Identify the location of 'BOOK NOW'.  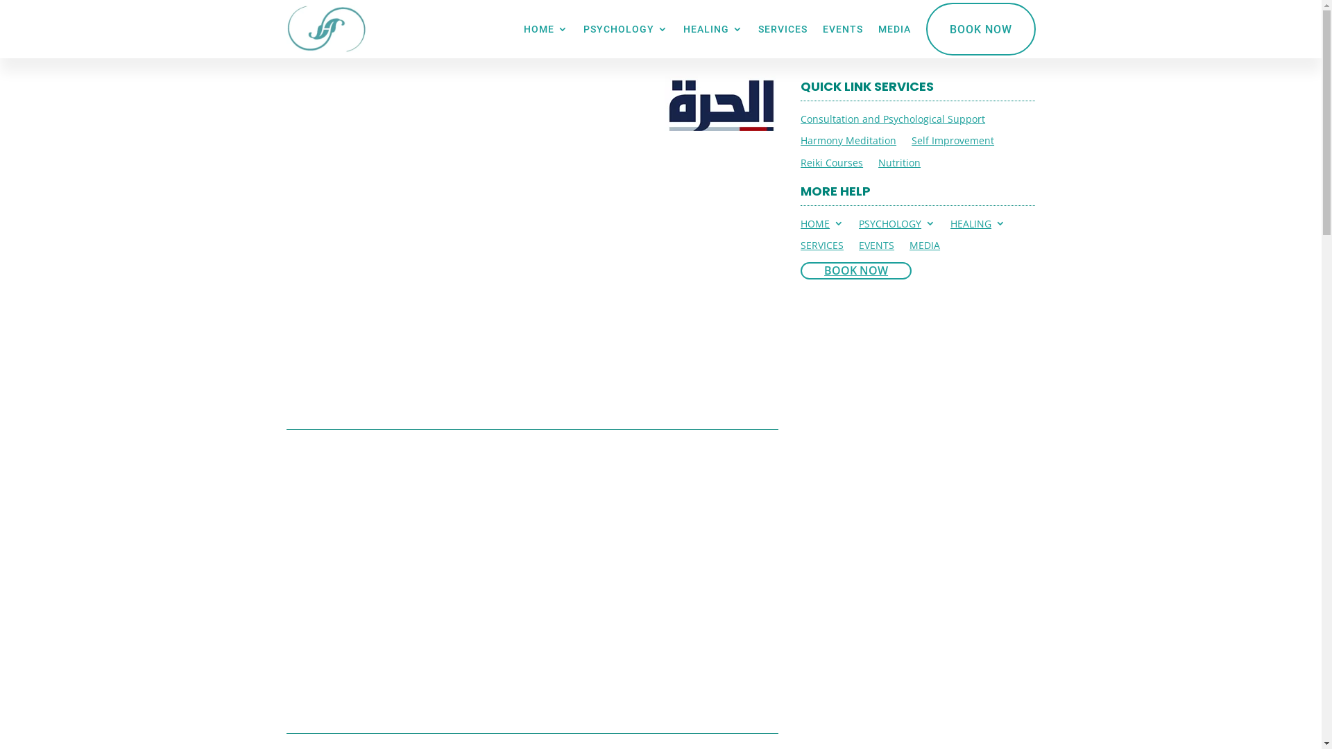
(925, 29).